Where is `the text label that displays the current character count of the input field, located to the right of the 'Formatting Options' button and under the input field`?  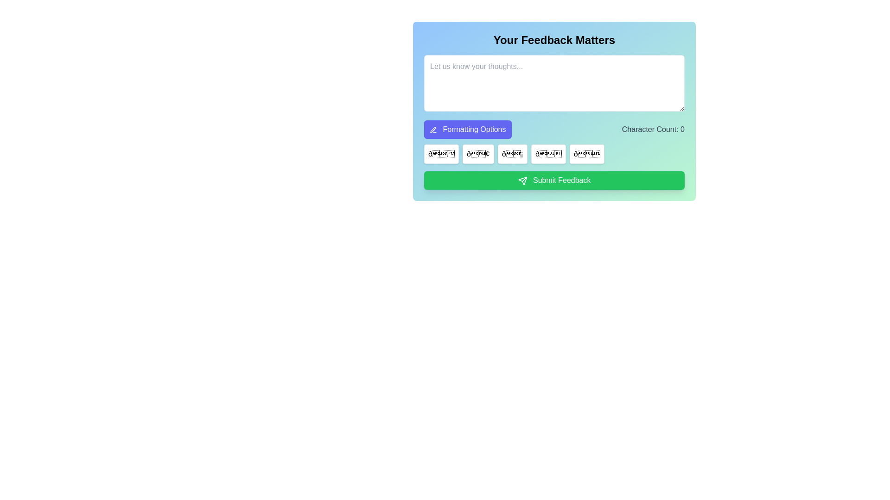 the text label that displays the current character count of the input field, located to the right of the 'Formatting Options' button and under the input field is located at coordinates (653, 130).